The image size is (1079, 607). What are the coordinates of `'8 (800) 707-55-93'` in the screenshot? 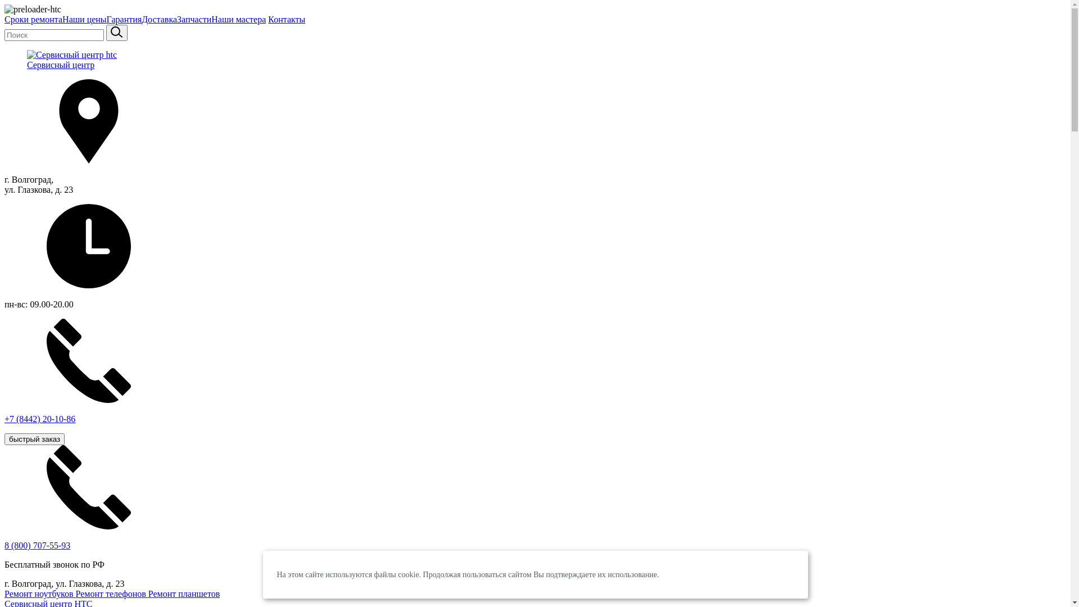 It's located at (4, 545).